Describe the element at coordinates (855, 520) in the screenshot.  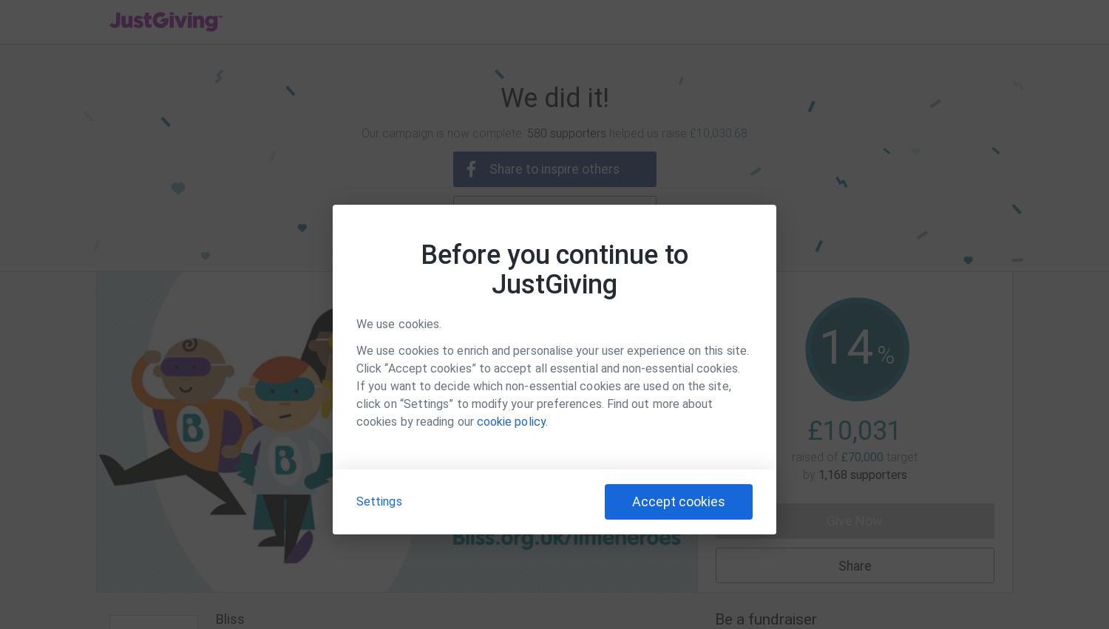
I see `'Give Now'` at that location.